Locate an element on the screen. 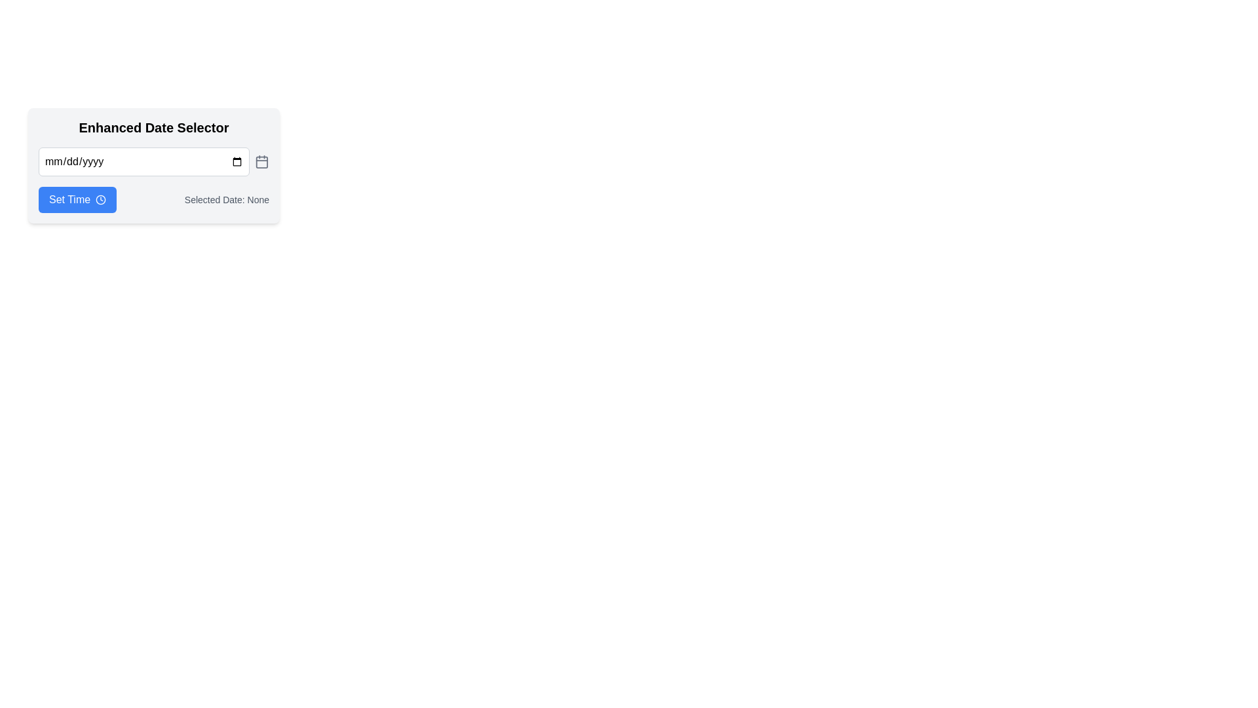 The image size is (1258, 708). the Text Display element that shows the currently selected date, which is located to the right of the 'Set Time' button is located at coordinates (227, 199).